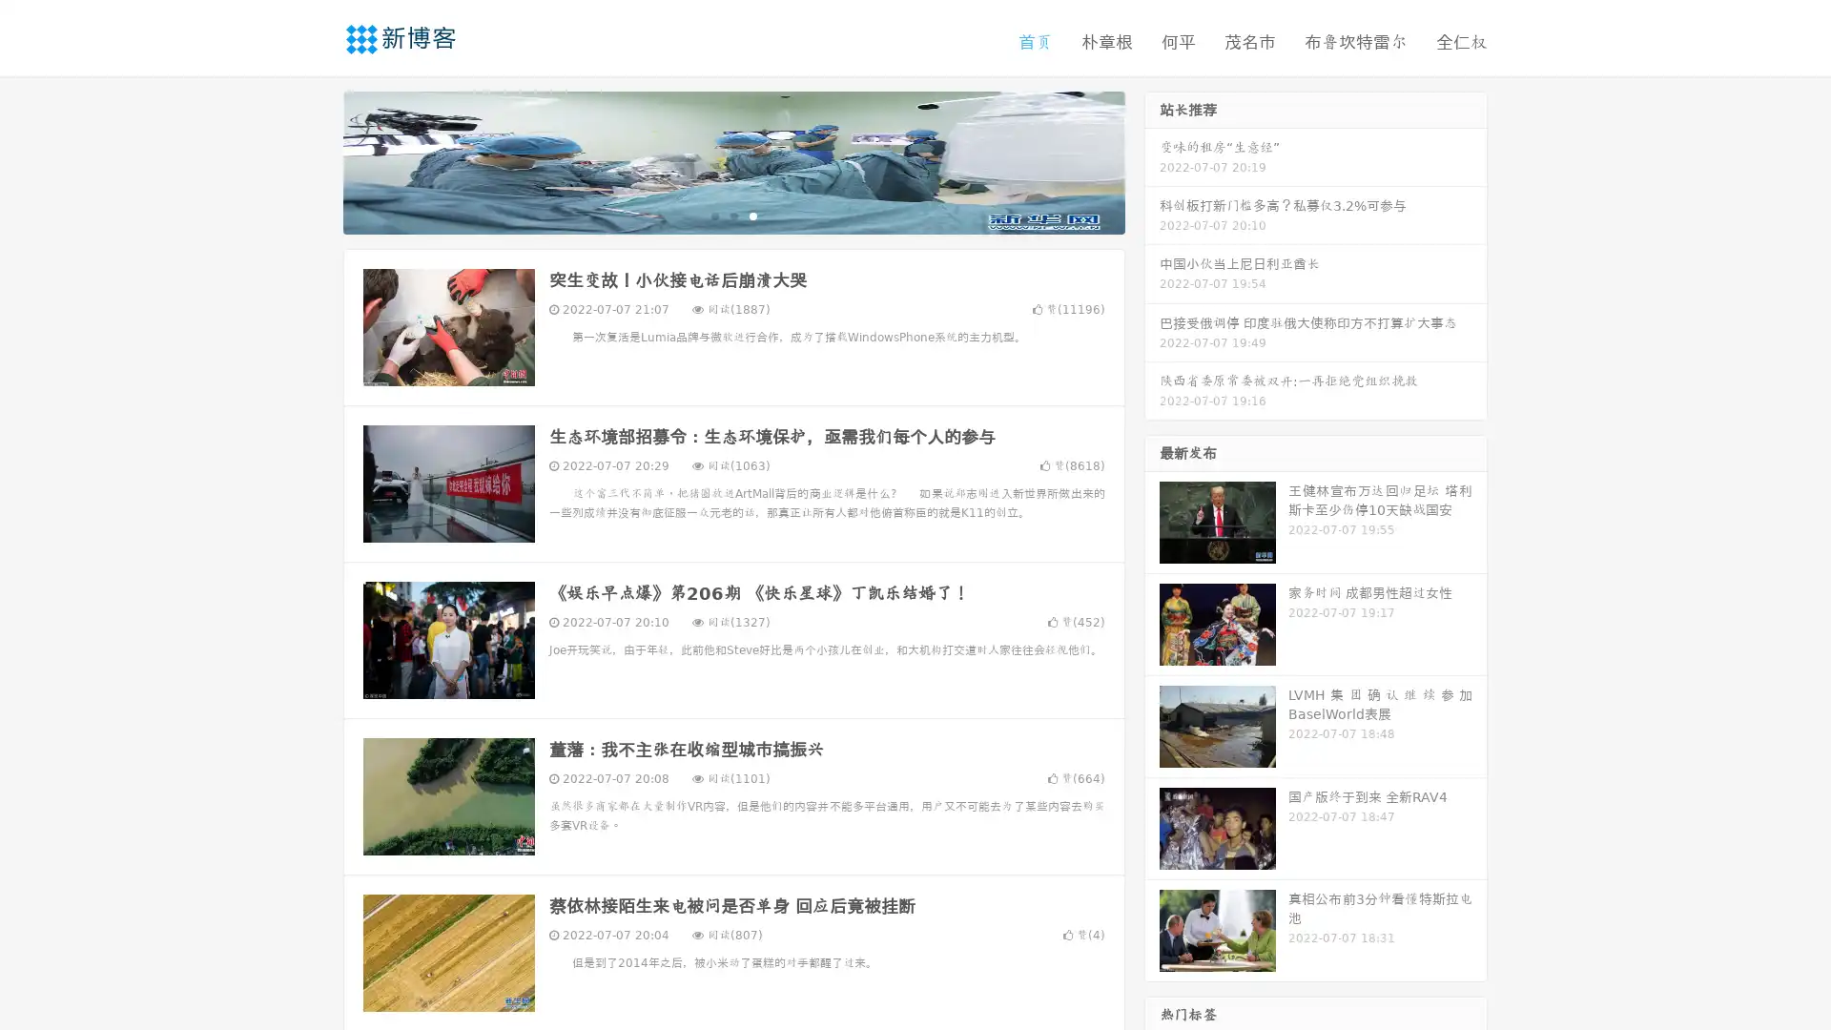  What do you see at coordinates (752, 215) in the screenshot?
I see `Go to slide 3` at bounding box center [752, 215].